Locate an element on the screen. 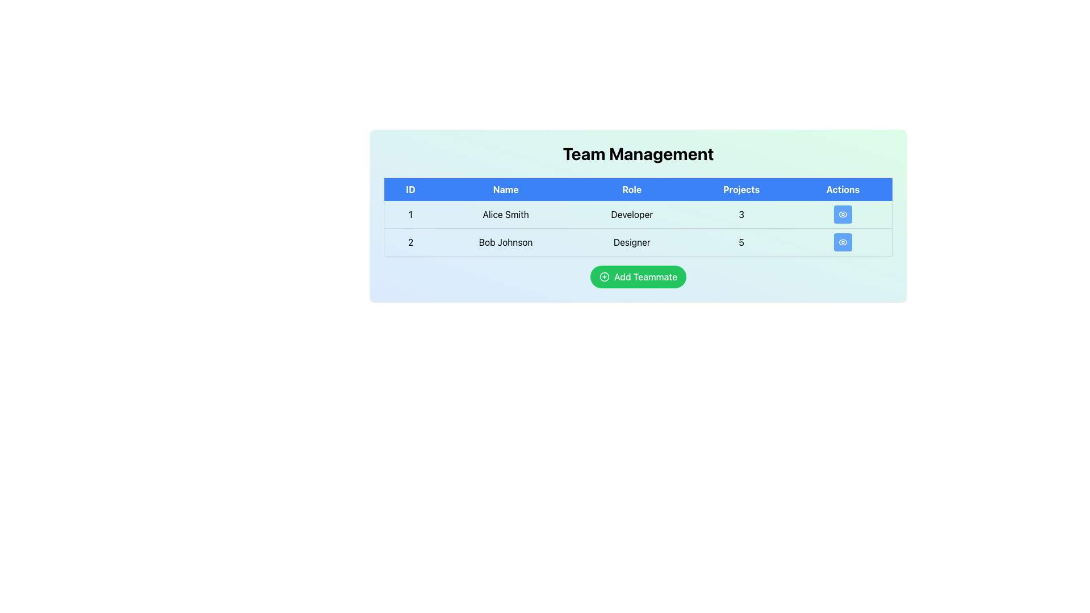 The height and width of the screenshot is (613, 1090). the blue button with a white eye icon located in the 'Actions' column for 'Alice Smith' is located at coordinates (843, 215).